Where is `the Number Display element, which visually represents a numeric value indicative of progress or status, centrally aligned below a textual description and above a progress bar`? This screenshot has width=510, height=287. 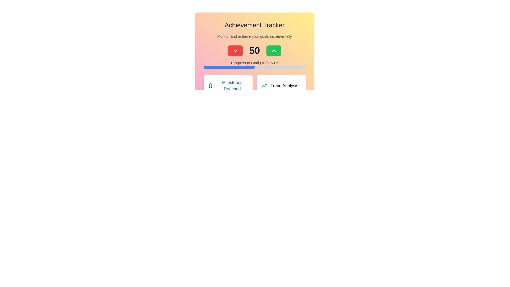
the Number Display element, which visually represents a numeric value indicative of progress or status, centrally aligned below a textual description and above a progress bar is located at coordinates (254, 51).